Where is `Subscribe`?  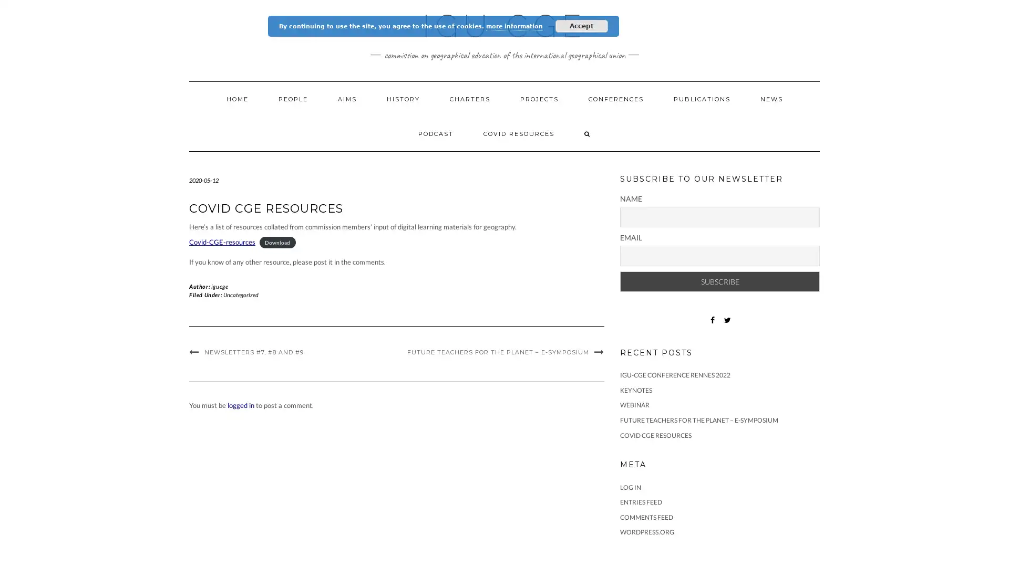 Subscribe is located at coordinates (719, 281).